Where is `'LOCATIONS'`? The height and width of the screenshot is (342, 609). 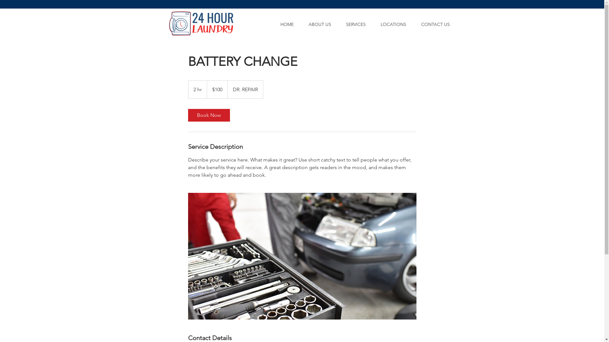
'LOCATIONS' is located at coordinates (373, 24).